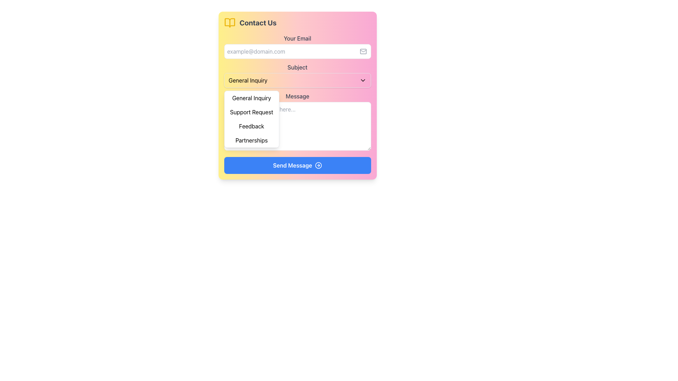 The width and height of the screenshot is (678, 381). I want to click on the 'Feedback' option in the dropdown menu located as the third item in the 'Contact Us' form, positioned between 'Support Request' and 'Partnerships', so click(251, 126).